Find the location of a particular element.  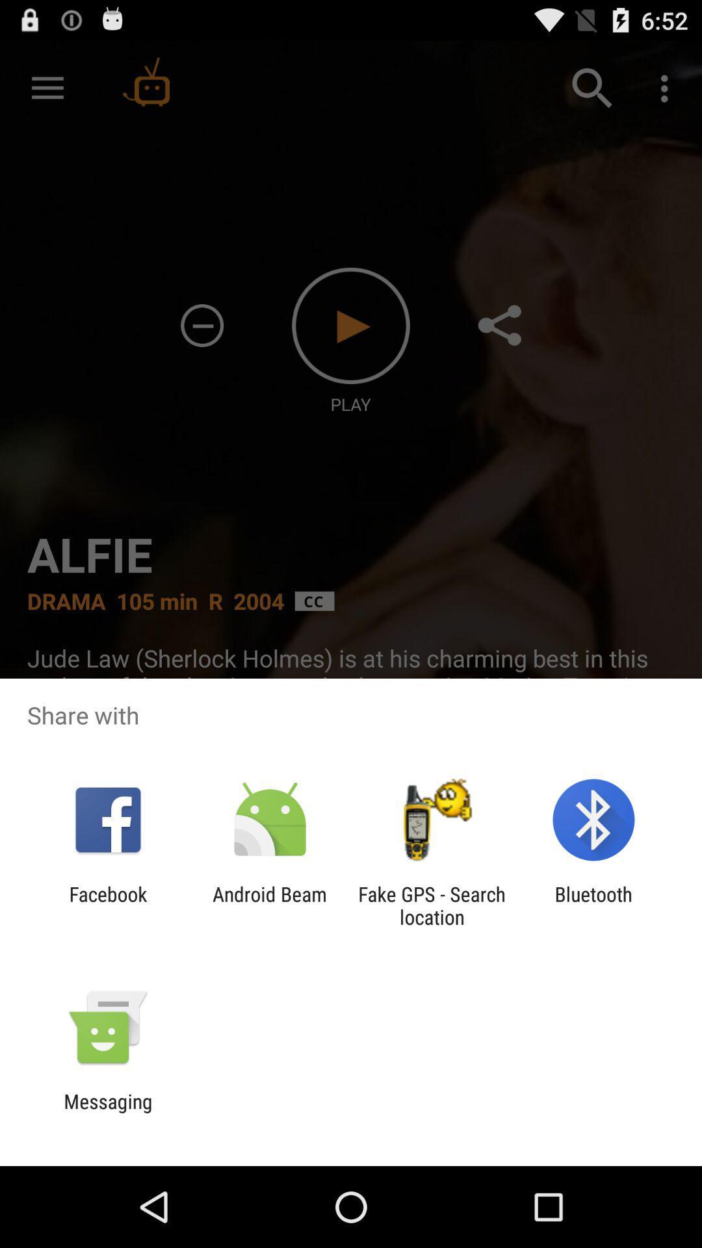

the item to the right of the fake gps search is located at coordinates (593, 905).